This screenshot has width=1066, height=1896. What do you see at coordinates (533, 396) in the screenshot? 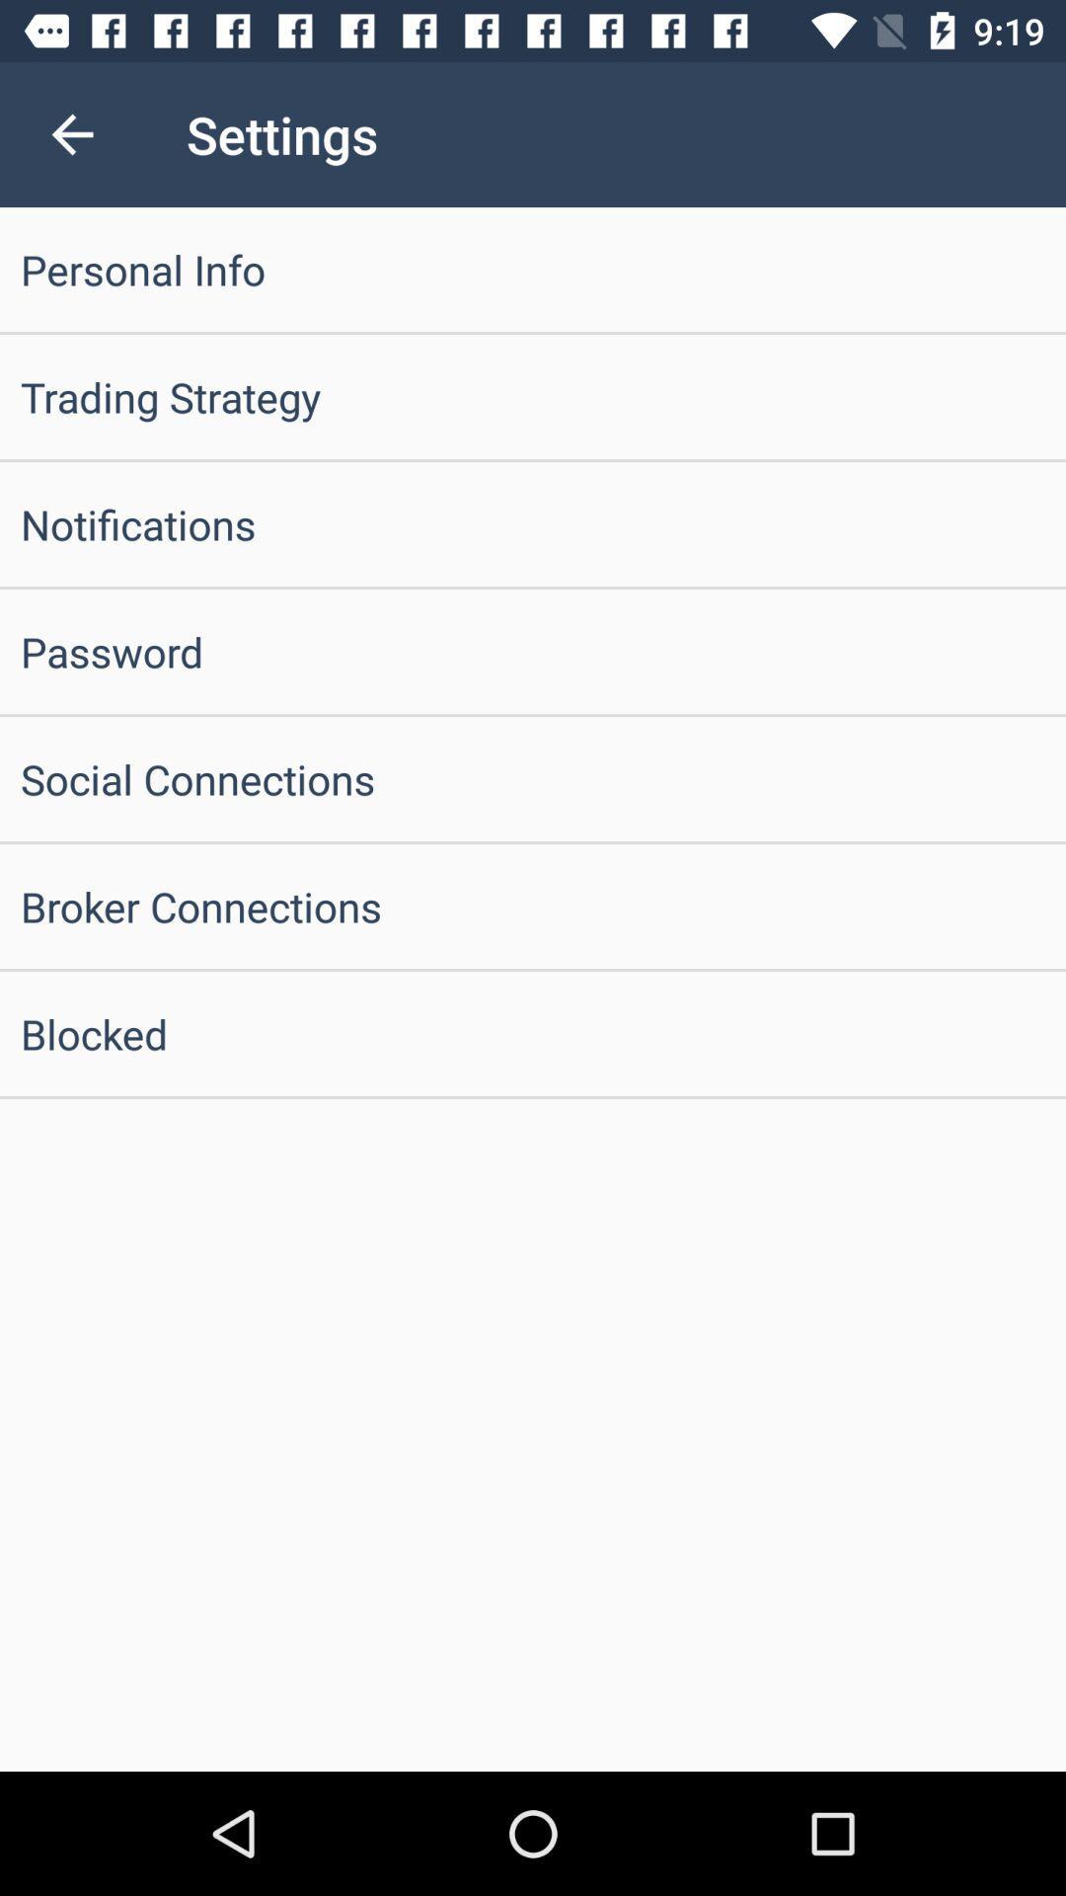
I see `the trading strategy icon` at bounding box center [533, 396].